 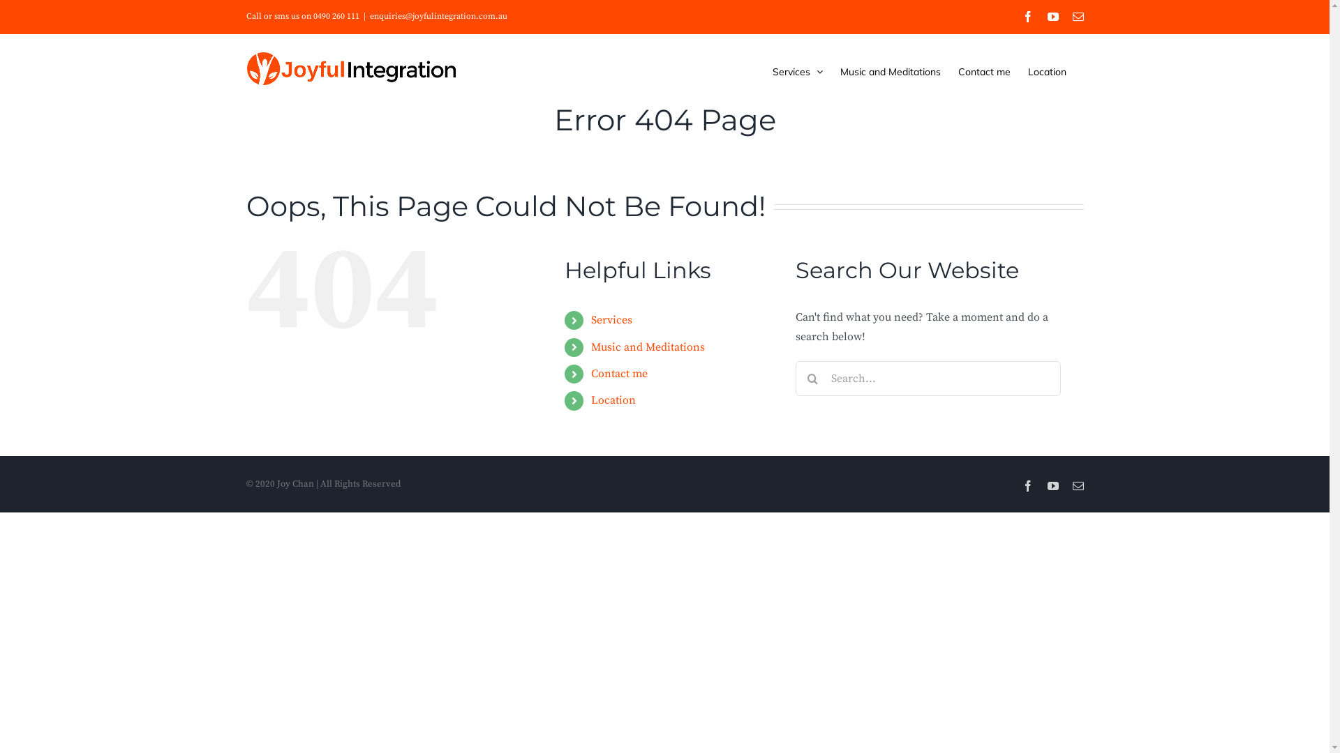 I want to click on 'Contact me', so click(x=618, y=373).